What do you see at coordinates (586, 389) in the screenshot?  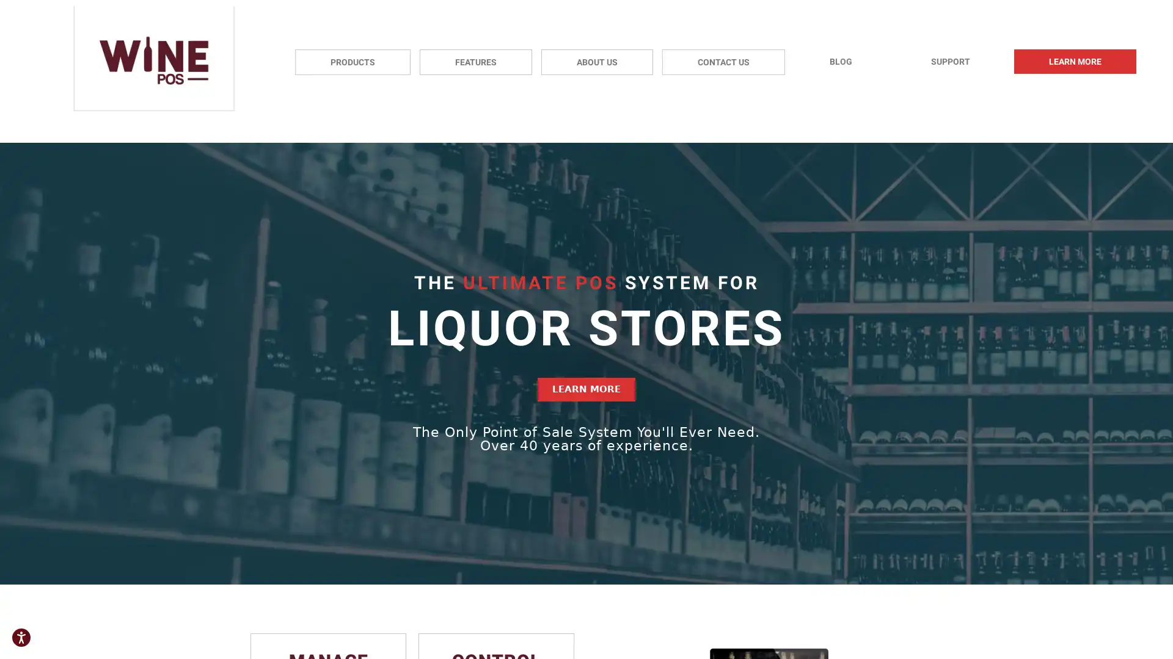 I see `LEARN MORE` at bounding box center [586, 389].